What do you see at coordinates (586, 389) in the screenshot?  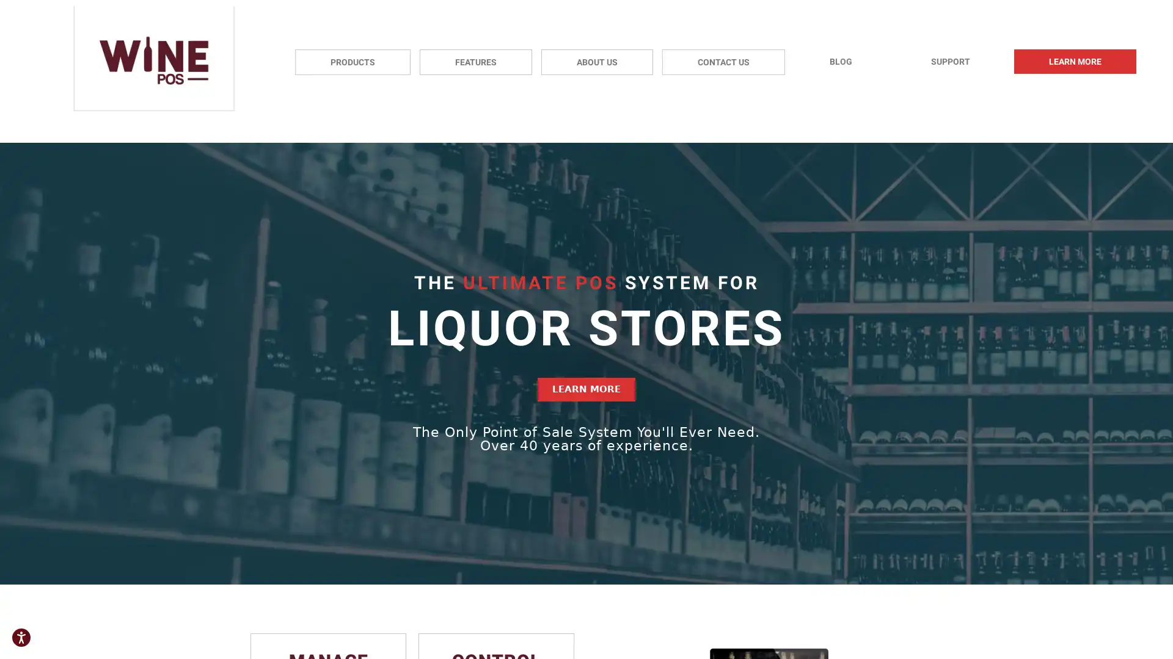 I see `LEARN MORE` at bounding box center [586, 389].